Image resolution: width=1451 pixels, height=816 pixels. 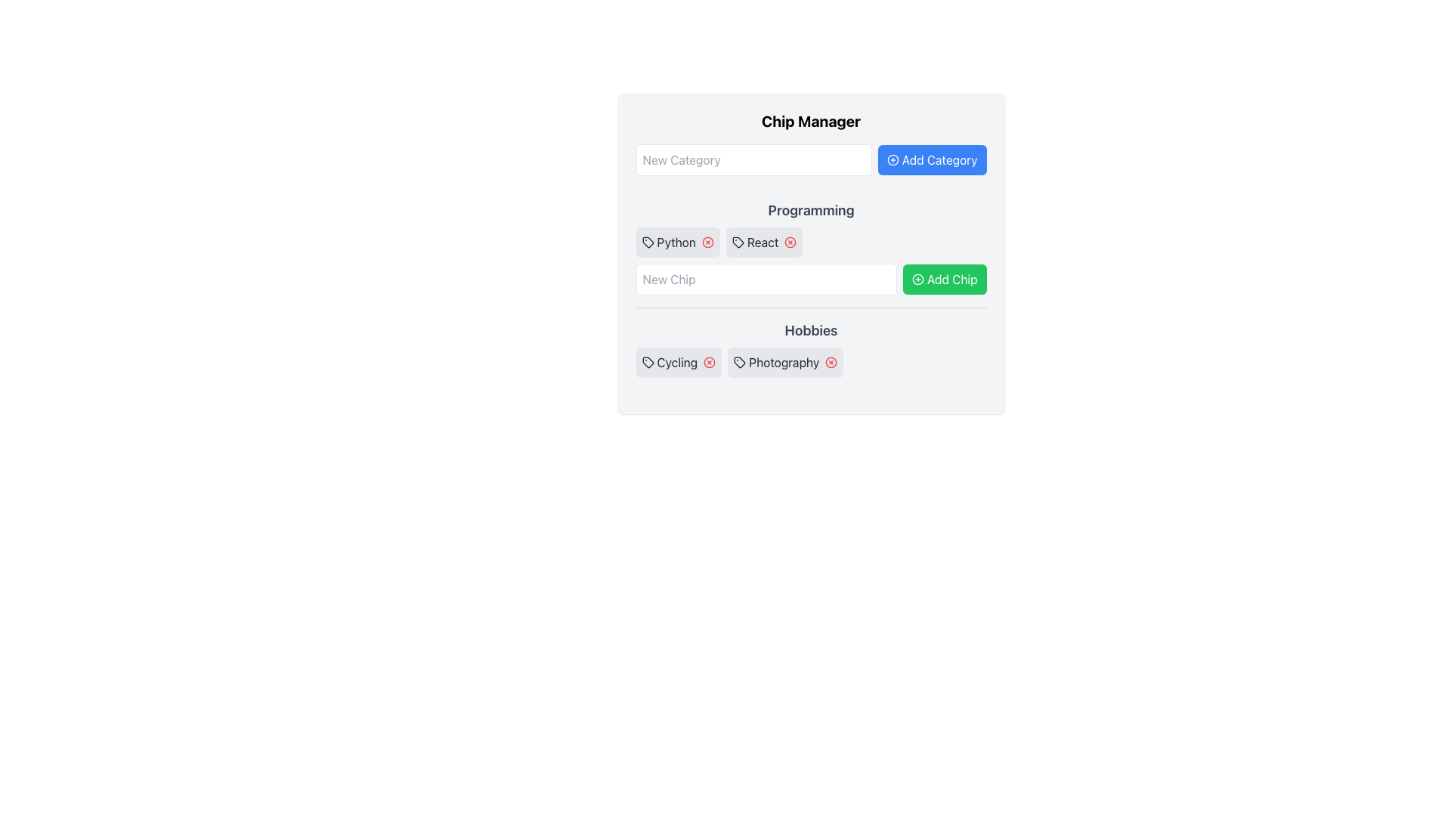 I want to click on the decorative icon associated with the 'Python' tag located at the beginning of the 'Python' chip in the 'Programming' section, so click(x=648, y=241).